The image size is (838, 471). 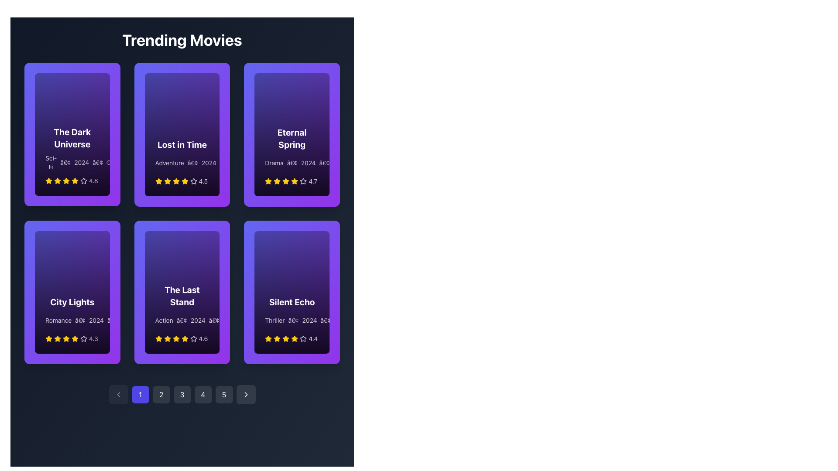 What do you see at coordinates (72, 301) in the screenshot?
I see `the title label of the movie in the fourth column of the 'Trending Movies' grid layout, located in the second row, which serves to help users identify the featured movie` at bounding box center [72, 301].